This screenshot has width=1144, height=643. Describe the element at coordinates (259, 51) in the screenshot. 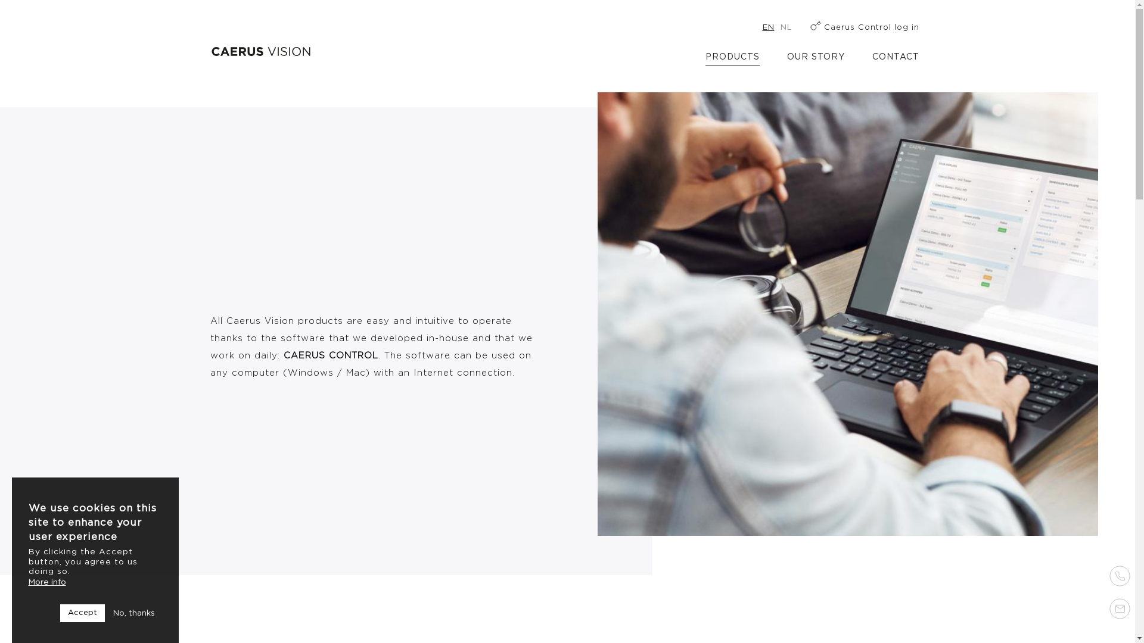

I see `'Home'` at that location.